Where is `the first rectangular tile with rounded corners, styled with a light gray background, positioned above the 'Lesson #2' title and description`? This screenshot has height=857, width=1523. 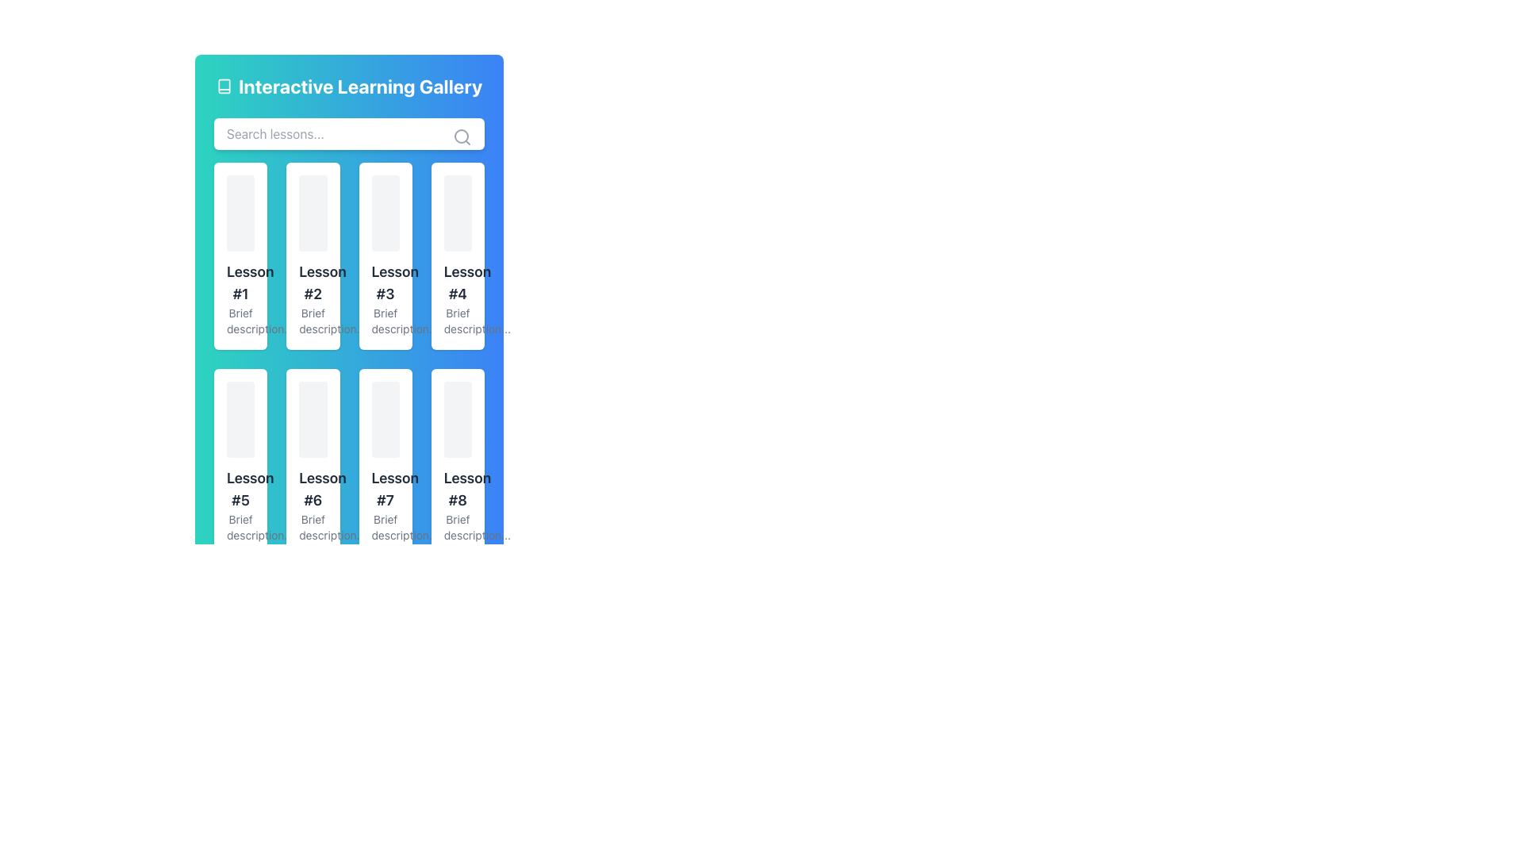
the first rectangular tile with rounded corners, styled with a light gray background, positioned above the 'Lesson #2' title and description is located at coordinates (313, 213).